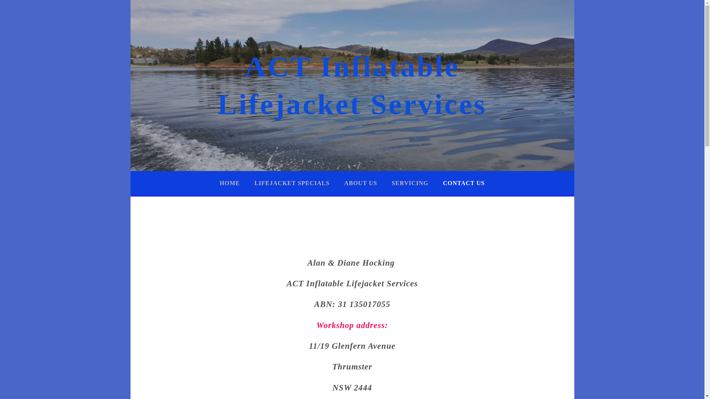 This screenshot has width=710, height=399. What do you see at coordinates (391, 183) in the screenshot?
I see `'SERVICING'` at bounding box center [391, 183].